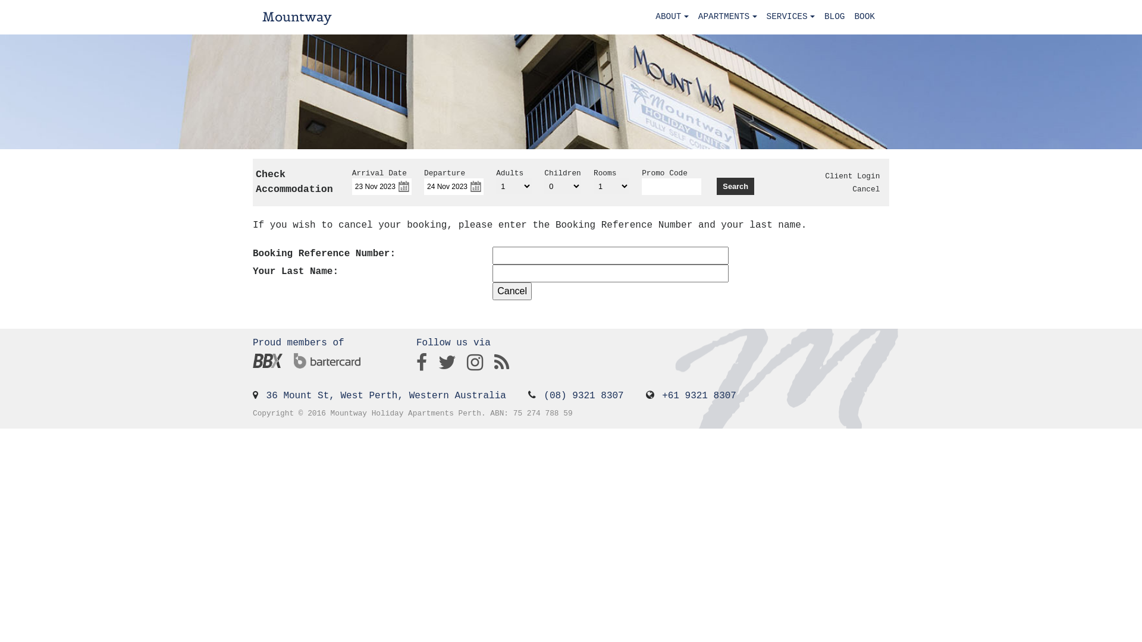  What do you see at coordinates (735, 186) in the screenshot?
I see `'Search'` at bounding box center [735, 186].